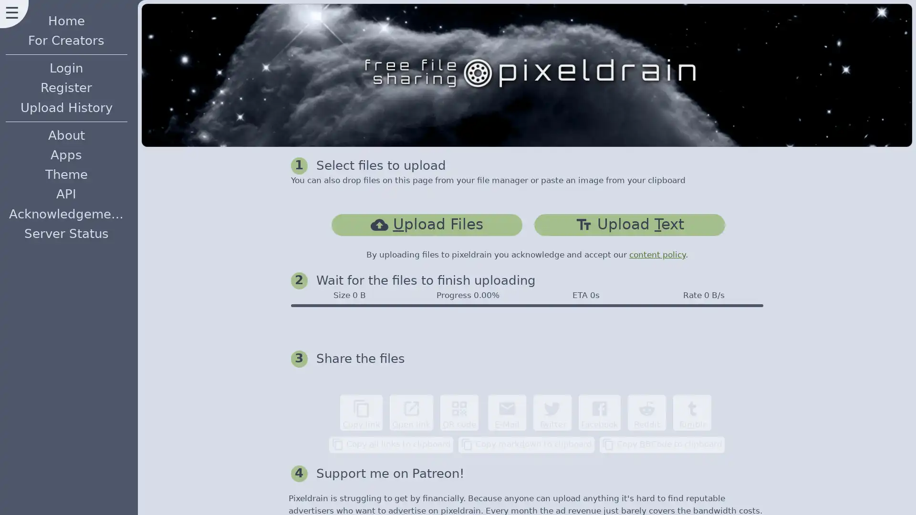 This screenshot has width=916, height=515. I want to click on email E-Mail, so click(506, 412).